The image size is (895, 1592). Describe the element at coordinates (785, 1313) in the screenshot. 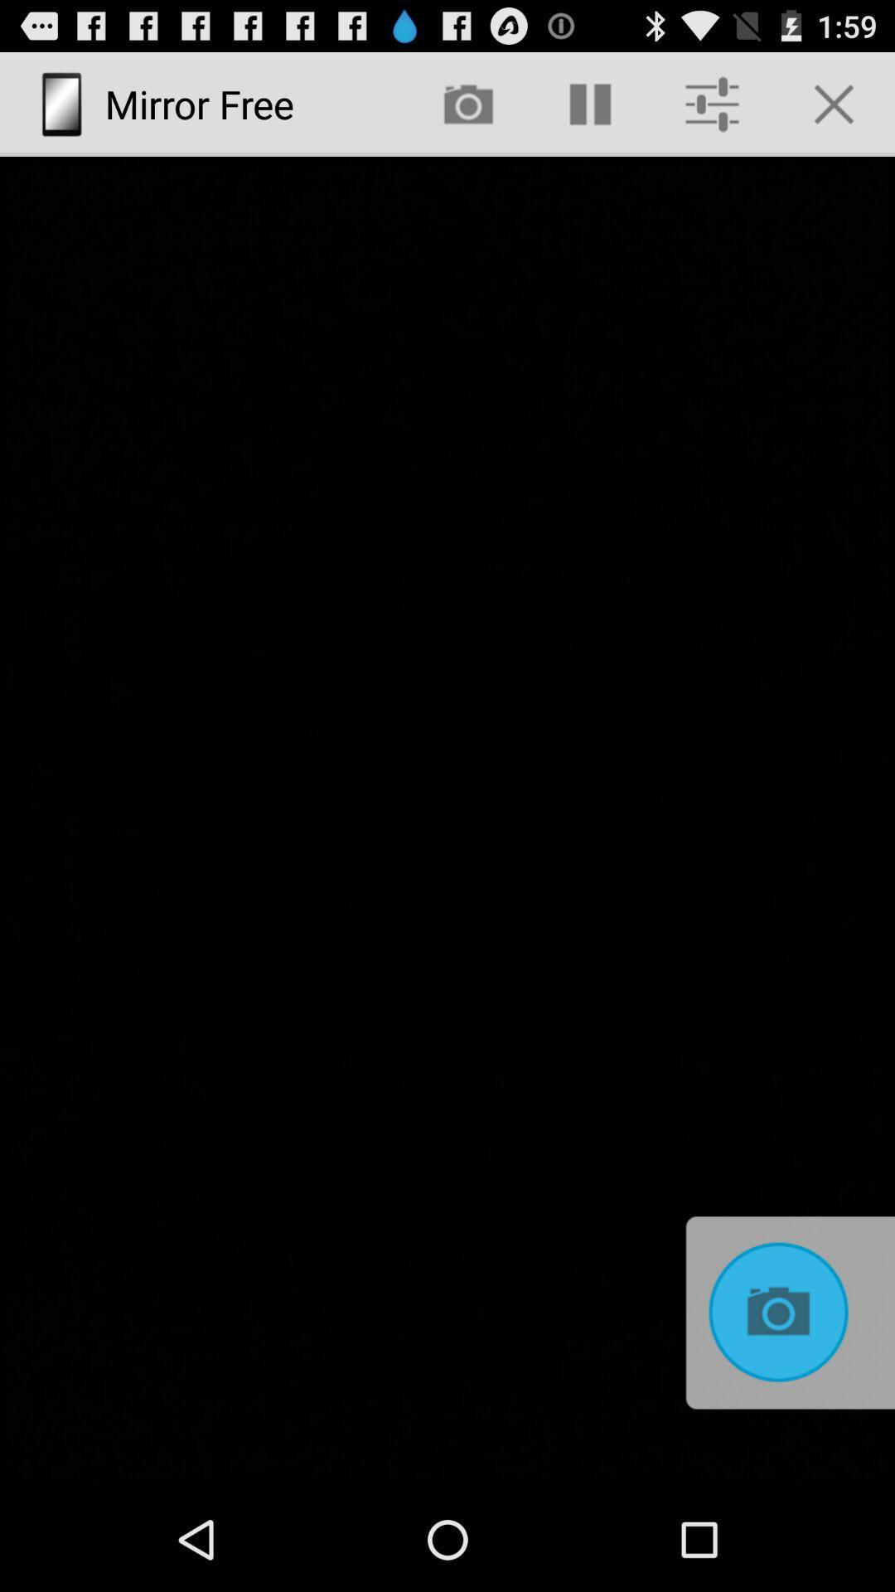

I see `icon at the bottom right corner` at that location.